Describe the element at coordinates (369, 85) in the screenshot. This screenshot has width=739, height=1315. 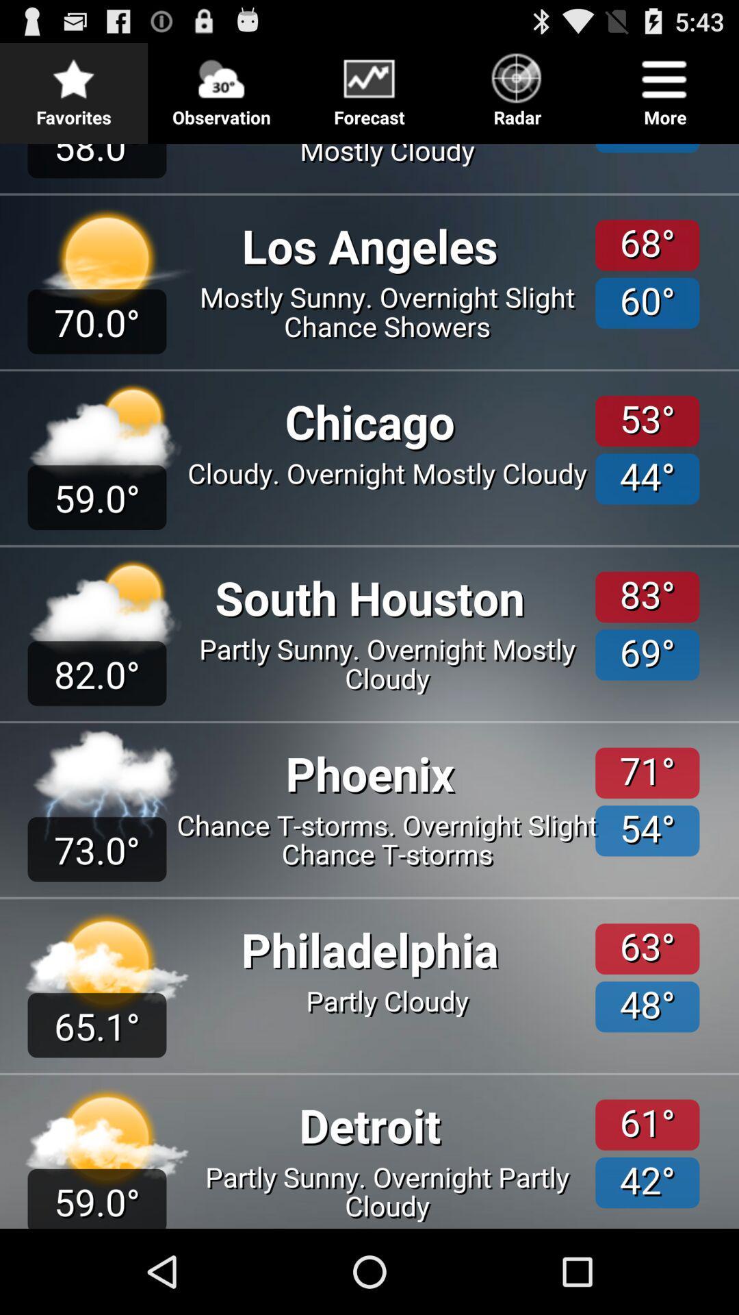
I see `the forecast item` at that location.